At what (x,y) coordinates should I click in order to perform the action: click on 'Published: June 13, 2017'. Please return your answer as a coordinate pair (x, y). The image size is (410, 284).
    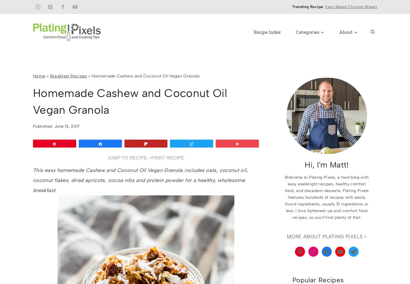
    Looking at the image, I should click on (56, 126).